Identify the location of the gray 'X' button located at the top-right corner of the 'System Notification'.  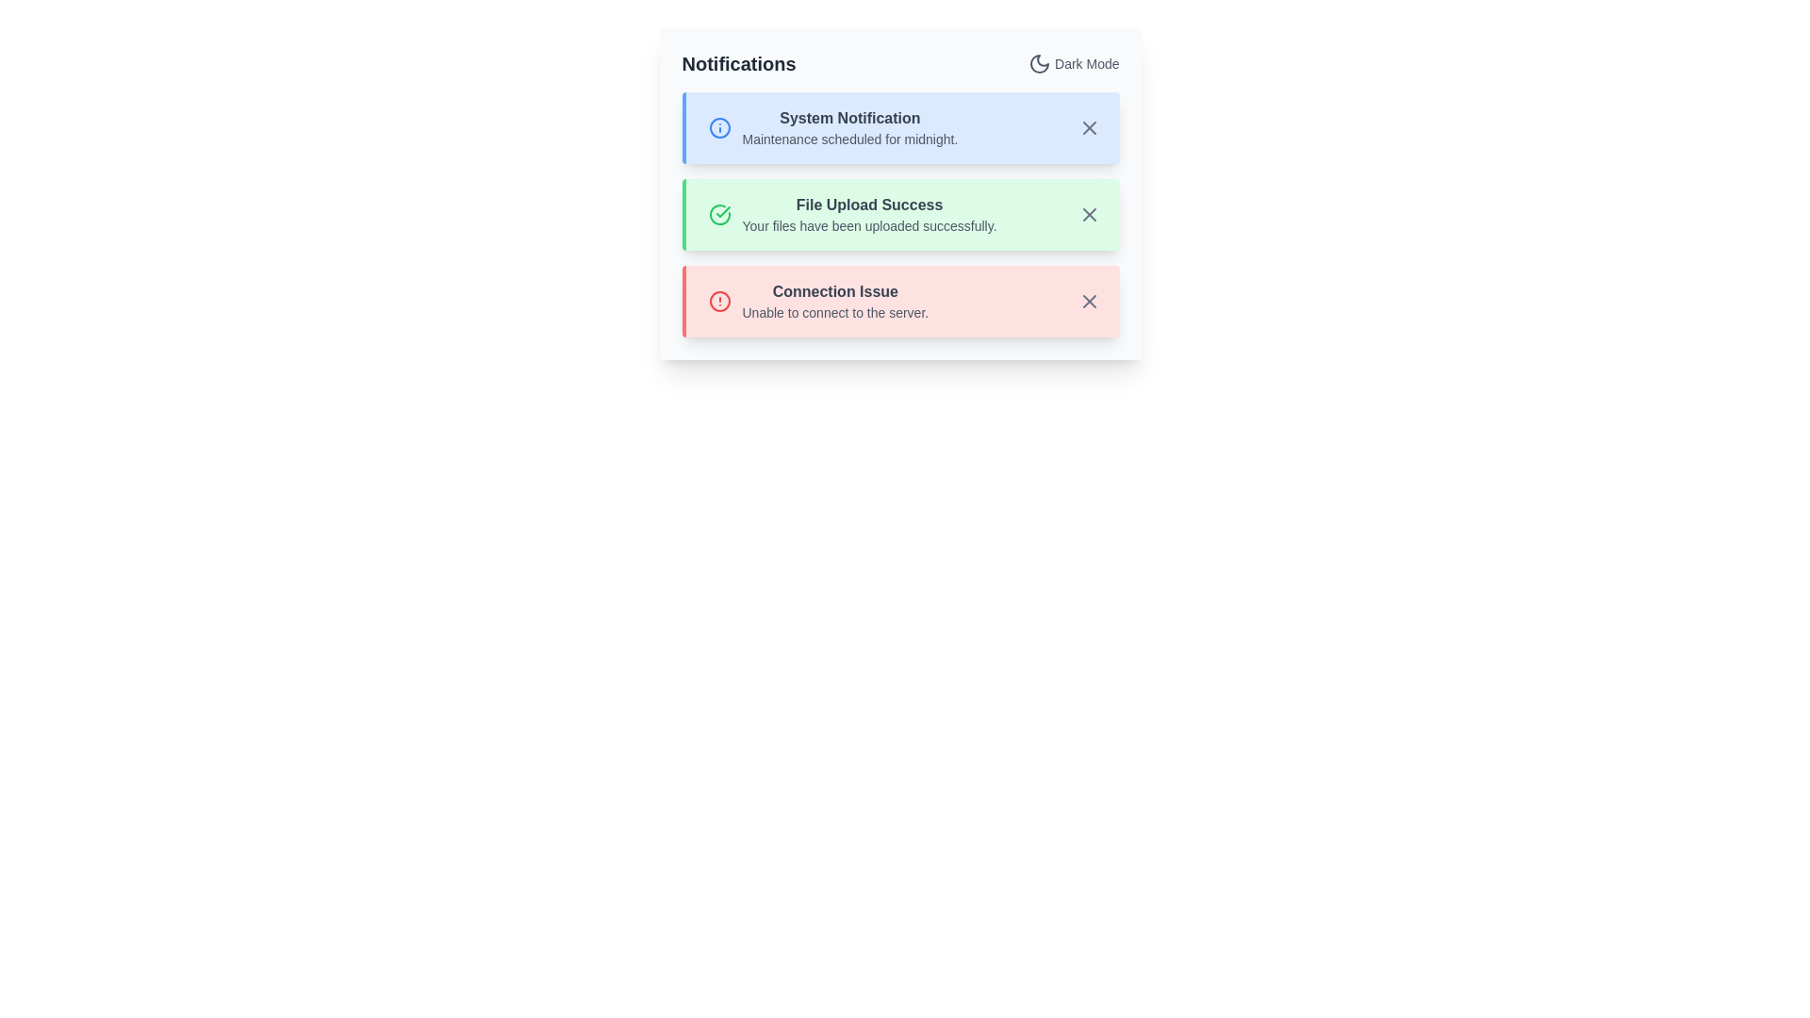
(1089, 127).